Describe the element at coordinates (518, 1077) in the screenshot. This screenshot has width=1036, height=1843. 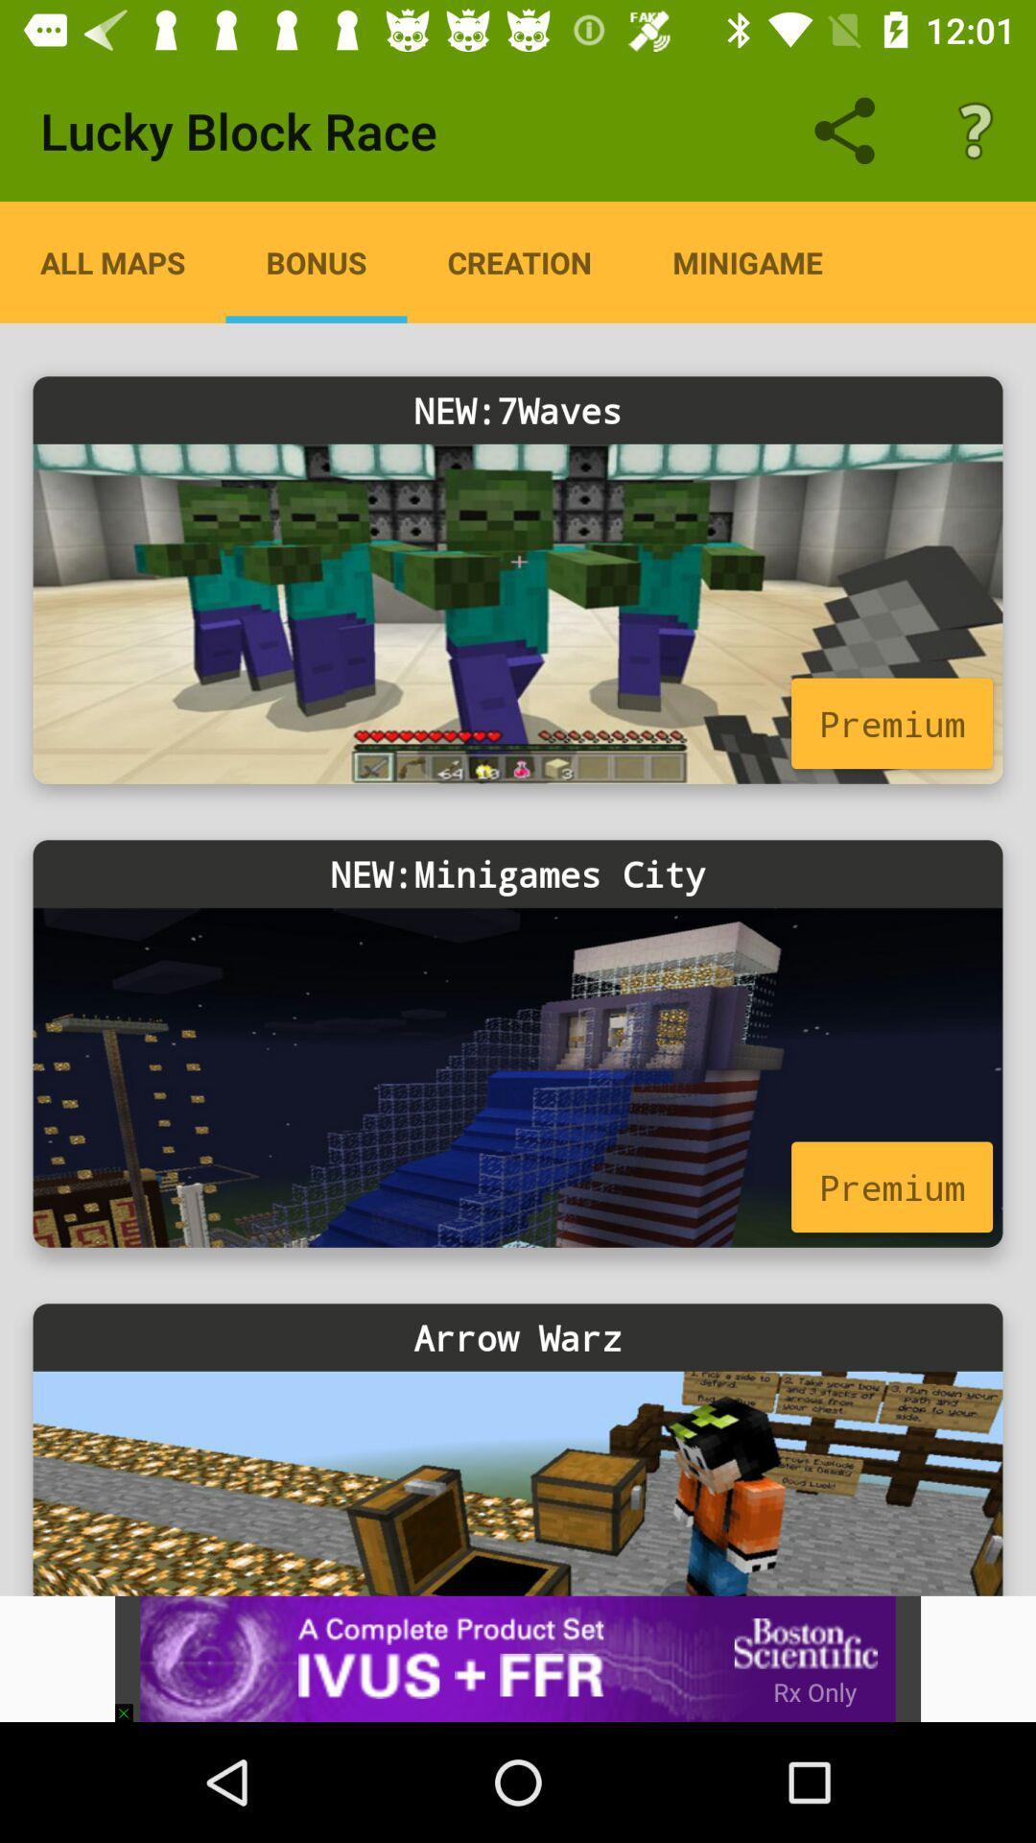
I see `game` at that location.